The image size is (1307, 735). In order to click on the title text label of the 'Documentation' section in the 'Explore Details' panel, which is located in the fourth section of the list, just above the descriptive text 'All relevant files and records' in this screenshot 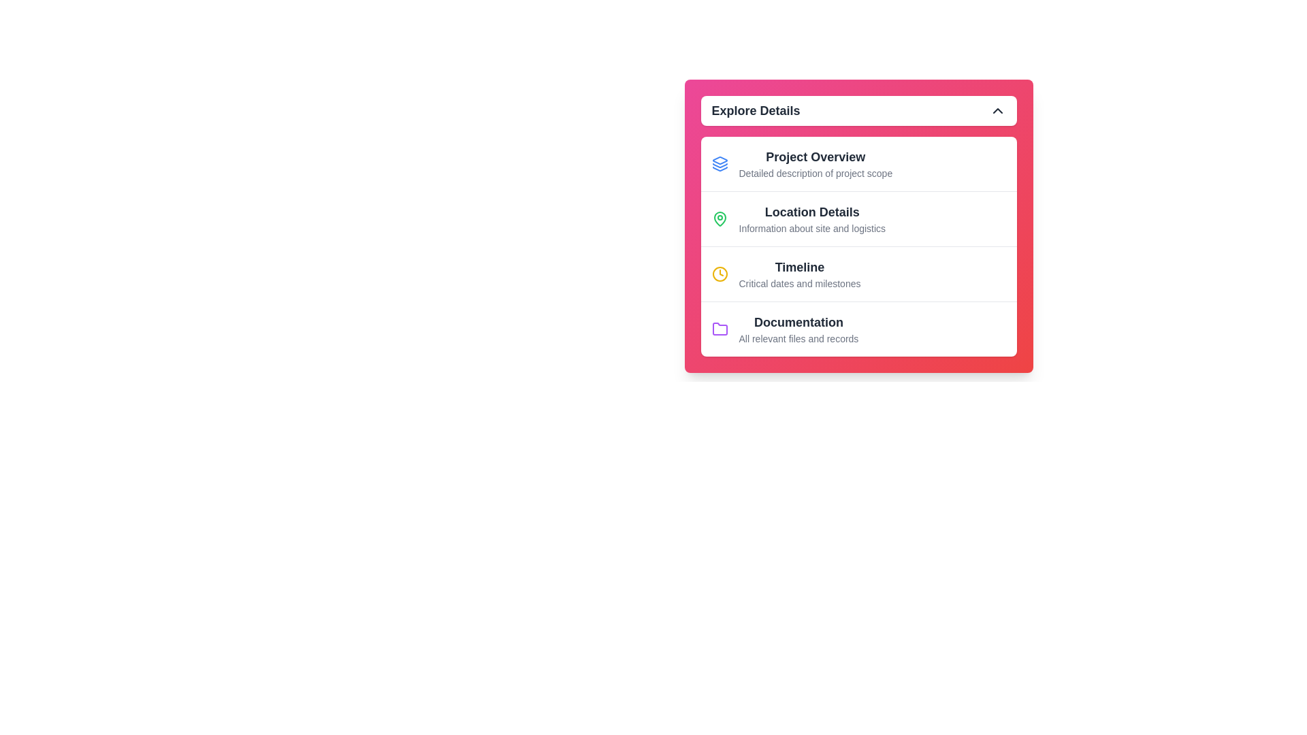, I will do `click(798, 323)`.